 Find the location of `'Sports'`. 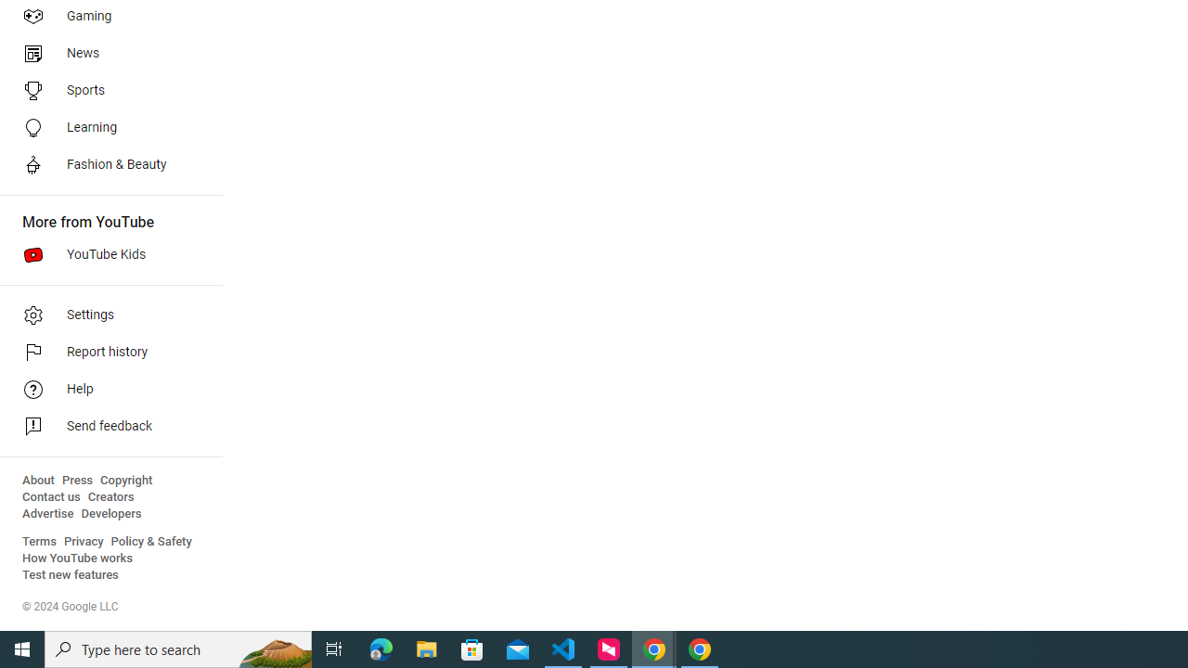

'Sports' is located at coordinates (104, 90).